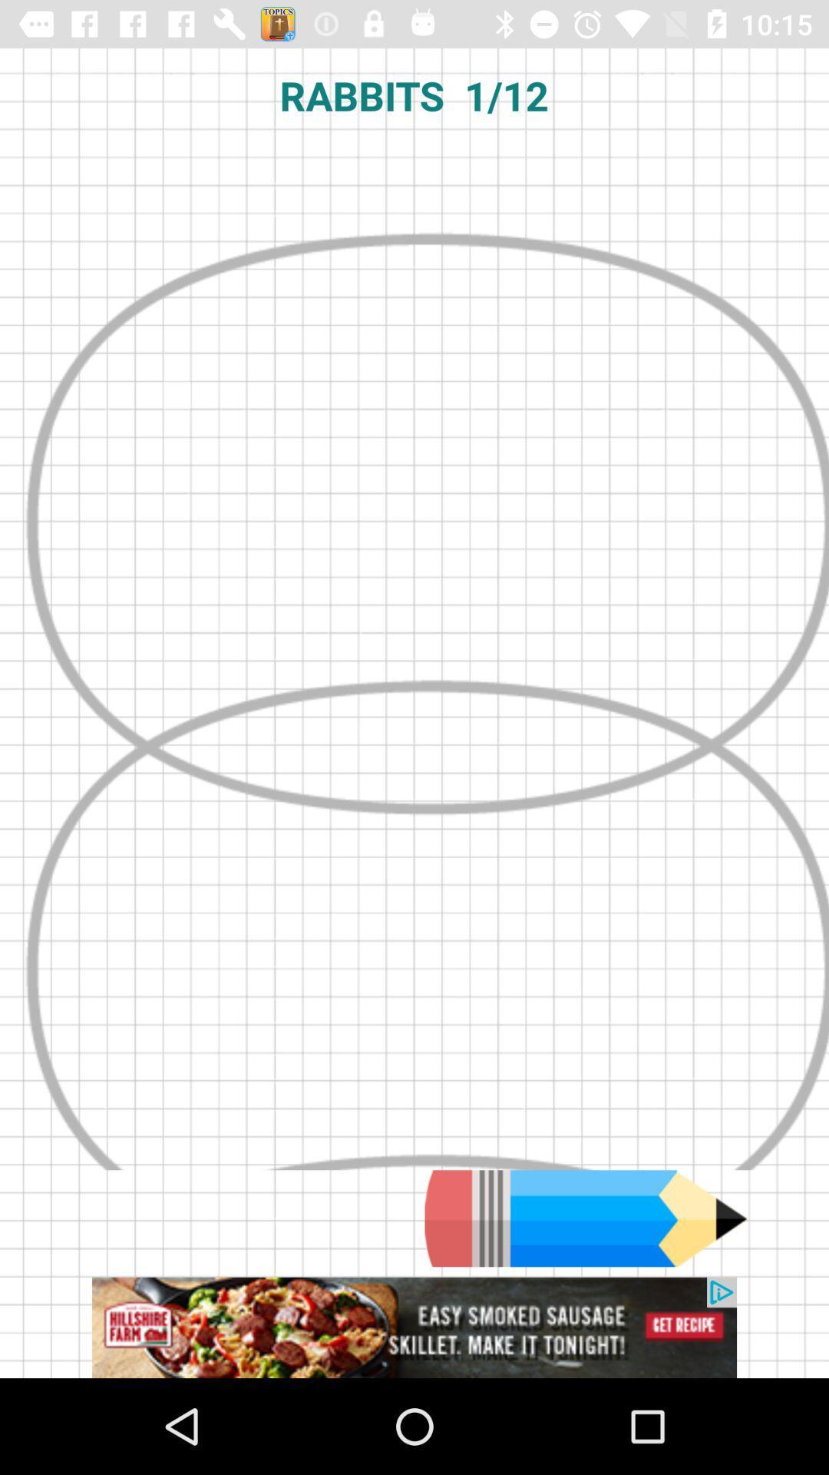  Describe the element at coordinates (414, 1327) in the screenshot. I see `advertisement link` at that location.